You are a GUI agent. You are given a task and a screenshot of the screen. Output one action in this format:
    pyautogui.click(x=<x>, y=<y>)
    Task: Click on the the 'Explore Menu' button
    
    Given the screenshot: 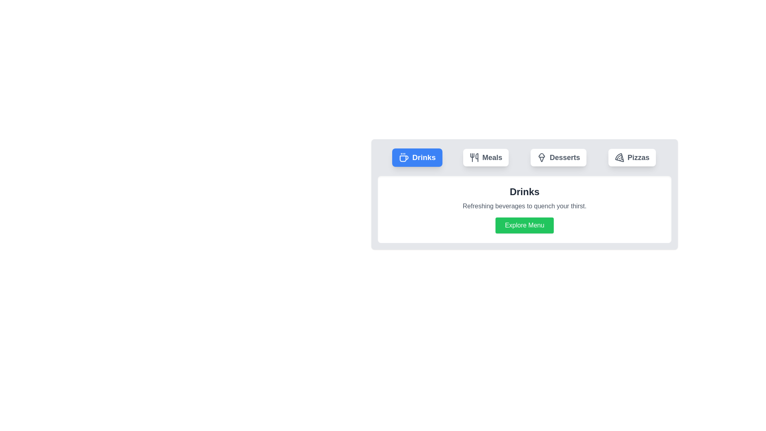 What is the action you would take?
    pyautogui.click(x=525, y=225)
    